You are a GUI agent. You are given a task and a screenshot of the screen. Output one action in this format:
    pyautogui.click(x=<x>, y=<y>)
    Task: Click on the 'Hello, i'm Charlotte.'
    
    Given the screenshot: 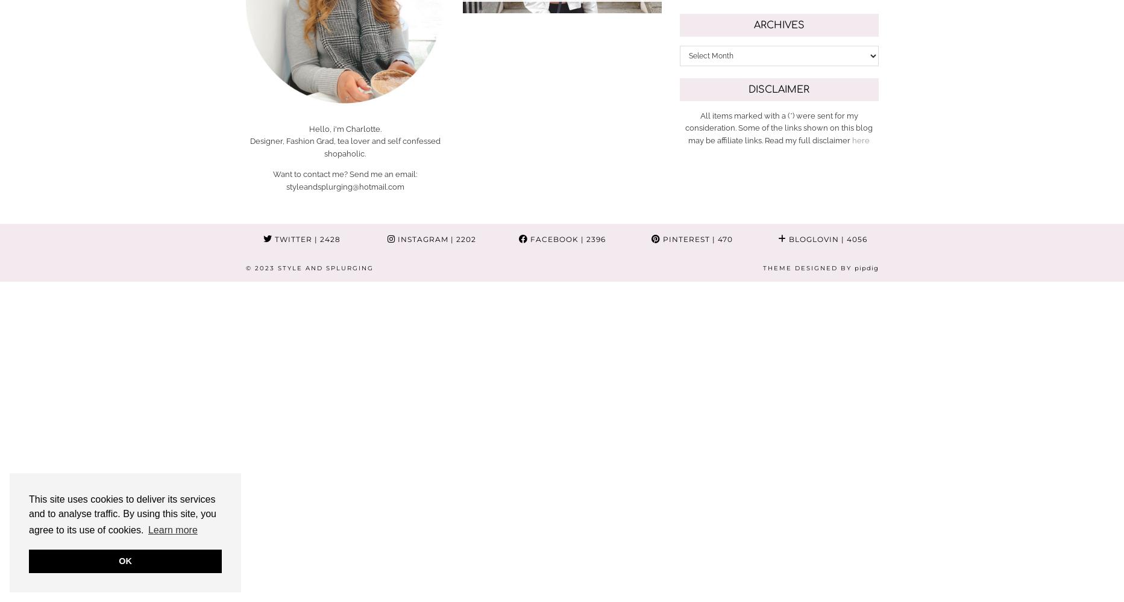 What is the action you would take?
    pyautogui.click(x=344, y=128)
    